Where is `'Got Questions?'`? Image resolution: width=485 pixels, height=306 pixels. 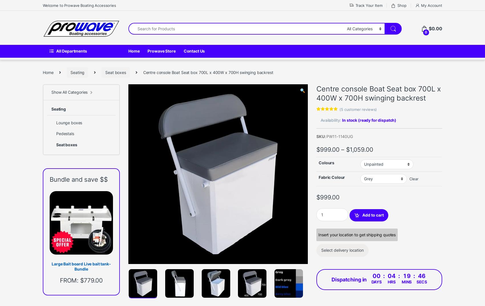
'Got Questions?' is located at coordinates (78, 291).